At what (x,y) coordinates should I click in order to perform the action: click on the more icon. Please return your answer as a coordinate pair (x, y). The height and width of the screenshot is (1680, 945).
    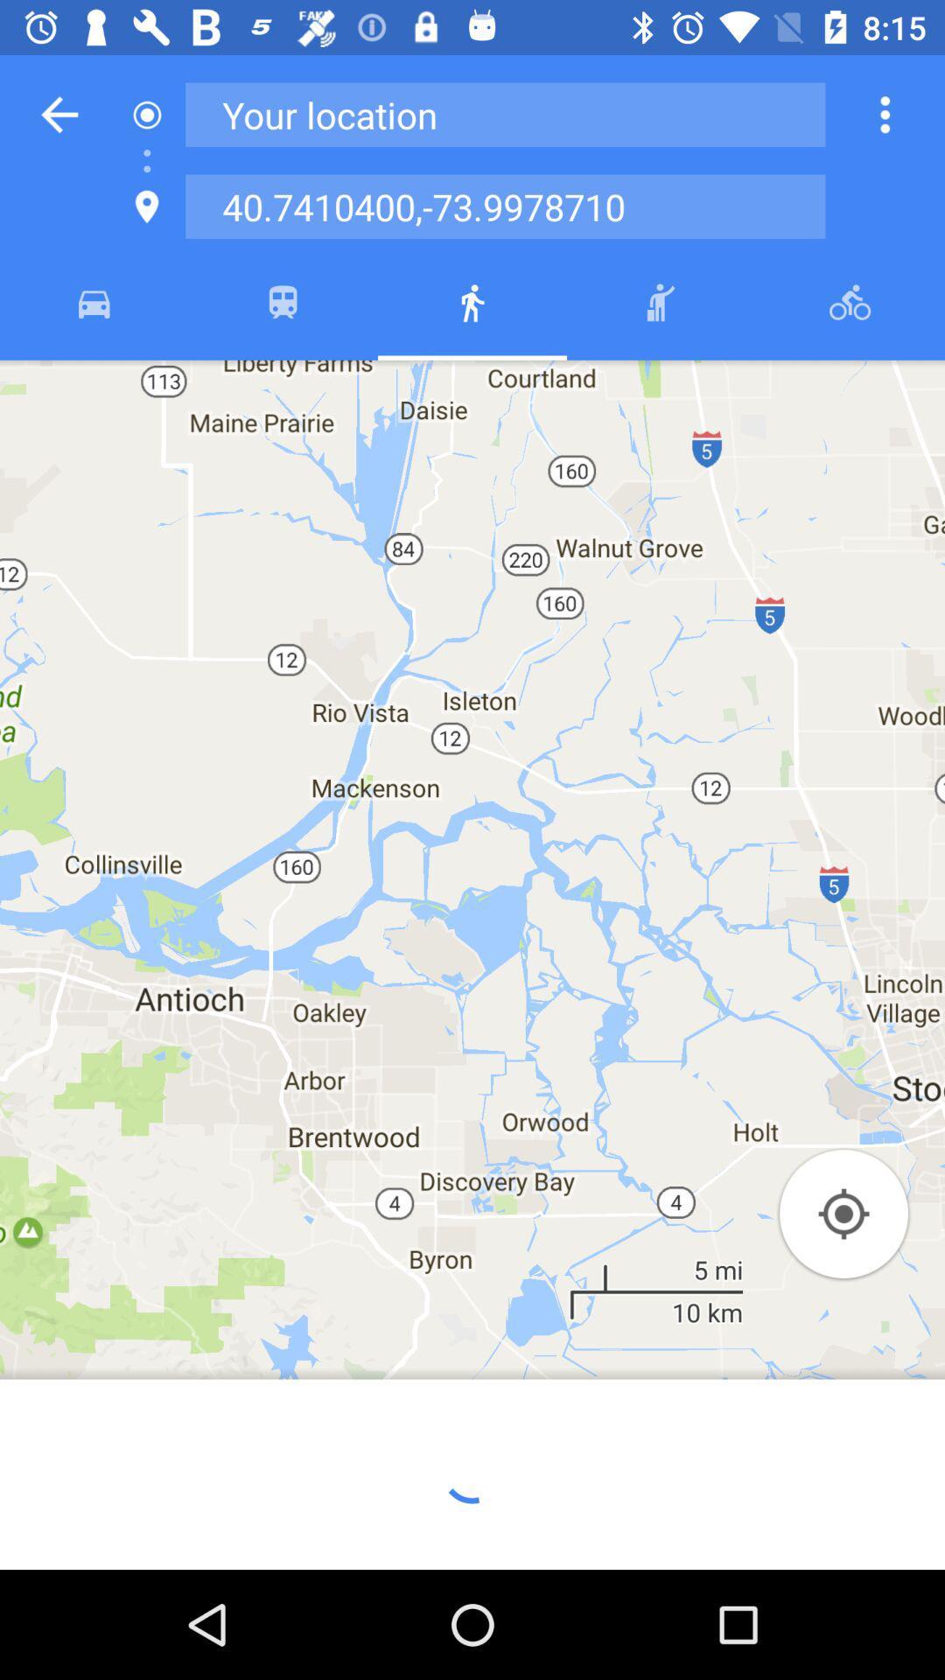
    Looking at the image, I should click on (885, 114).